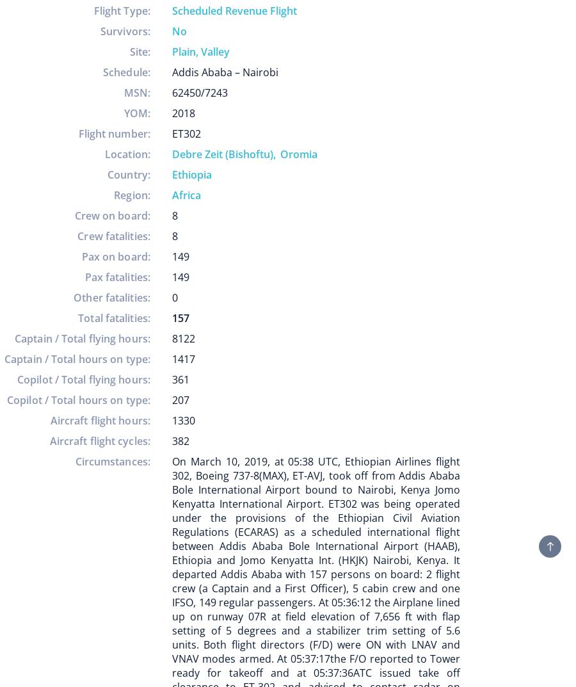 The image size is (576, 687). Describe the element at coordinates (180, 380) in the screenshot. I see `'361'` at that location.